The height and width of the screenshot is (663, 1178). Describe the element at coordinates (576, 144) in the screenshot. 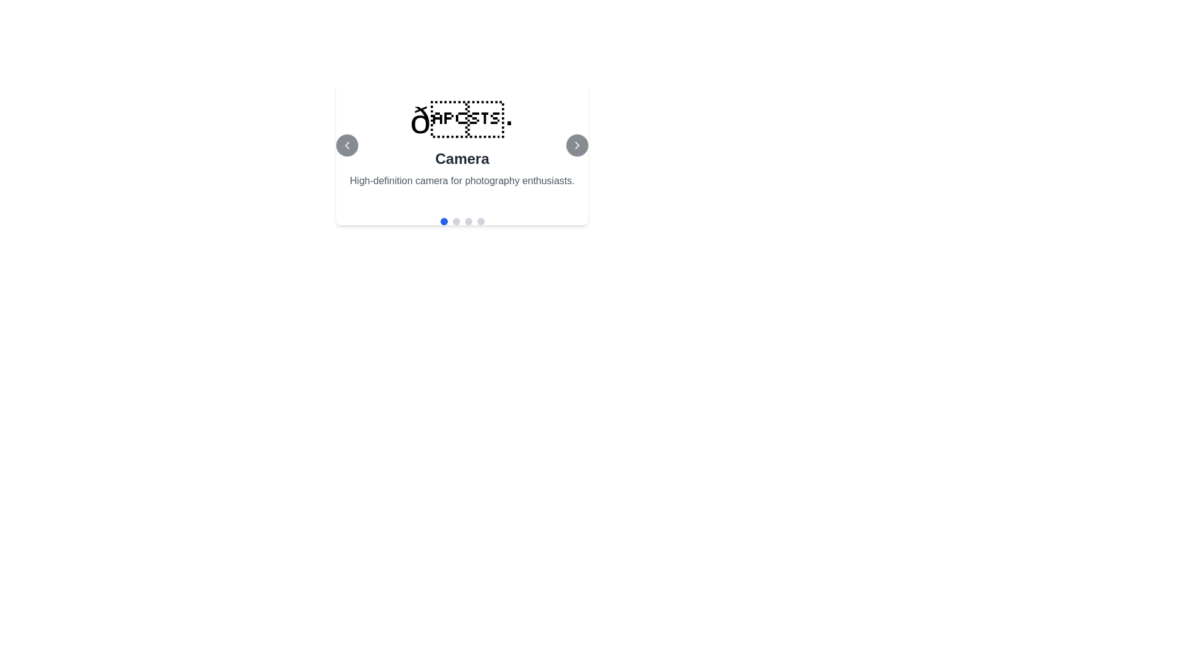

I see `the small right-pointing chevron icon within the circular button on the card interface` at that location.